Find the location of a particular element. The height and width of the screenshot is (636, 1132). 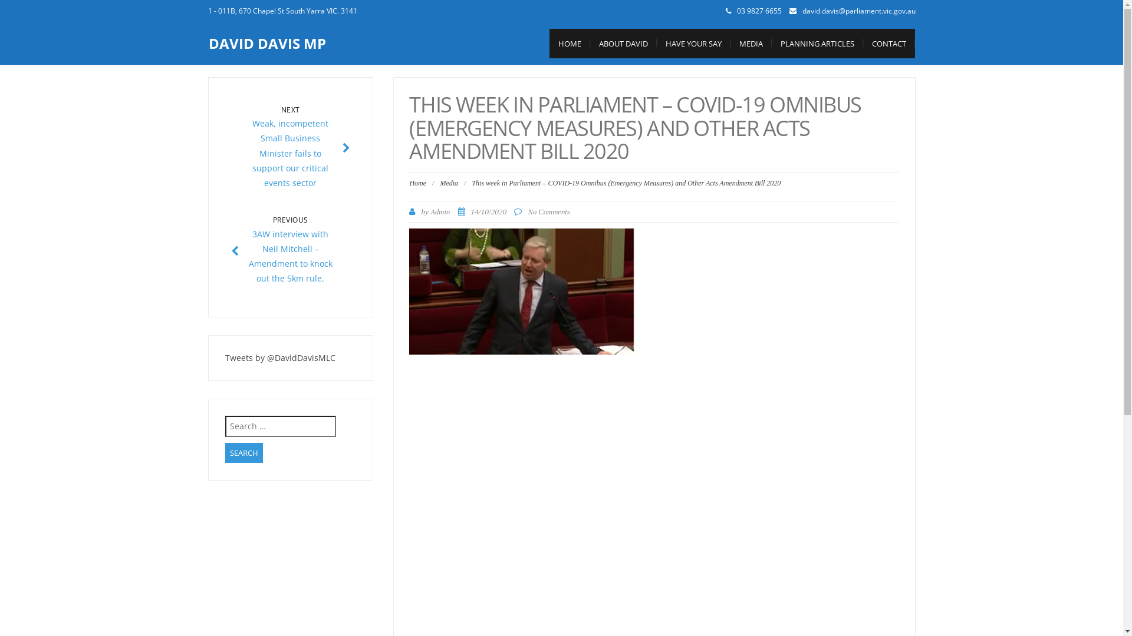

'Search' is located at coordinates (243, 452).